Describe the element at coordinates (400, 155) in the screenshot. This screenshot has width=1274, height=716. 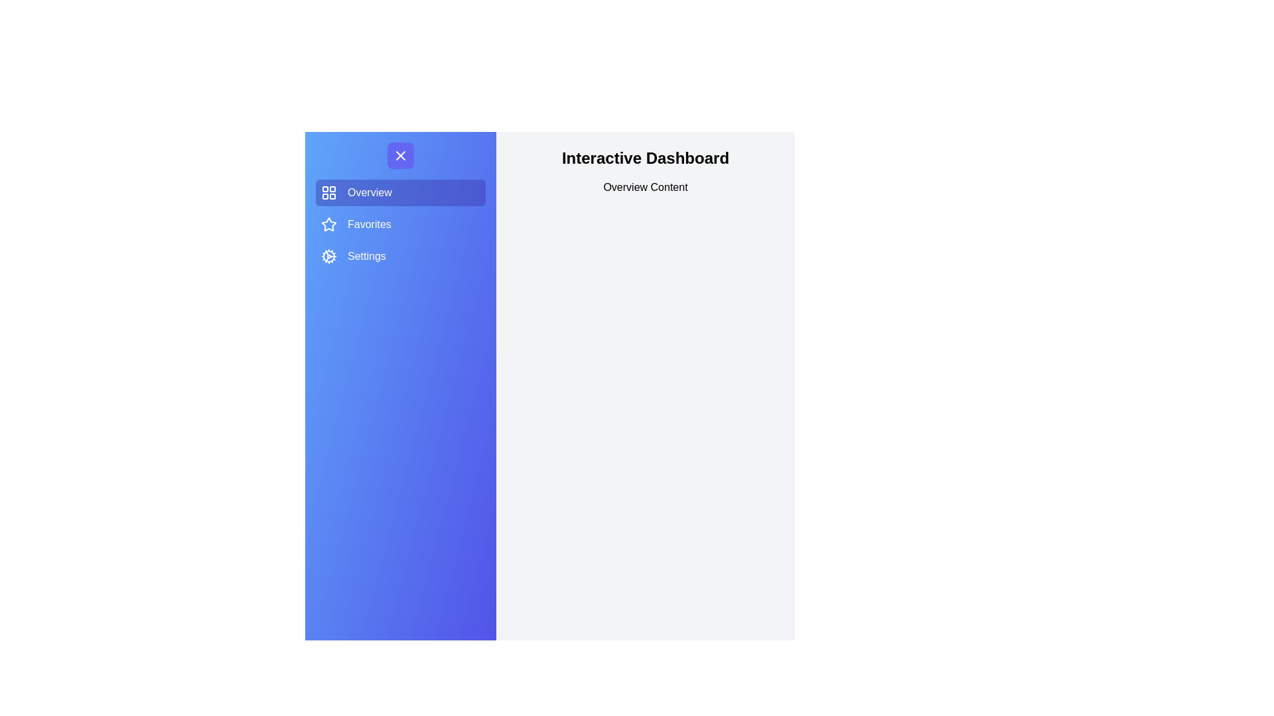
I see `button at the top of the drawer to toggle its state` at that location.